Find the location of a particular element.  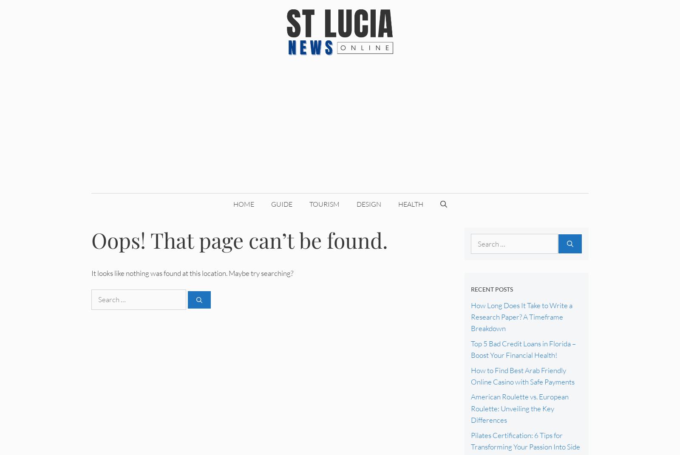

'Health' is located at coordinates (397, 204).